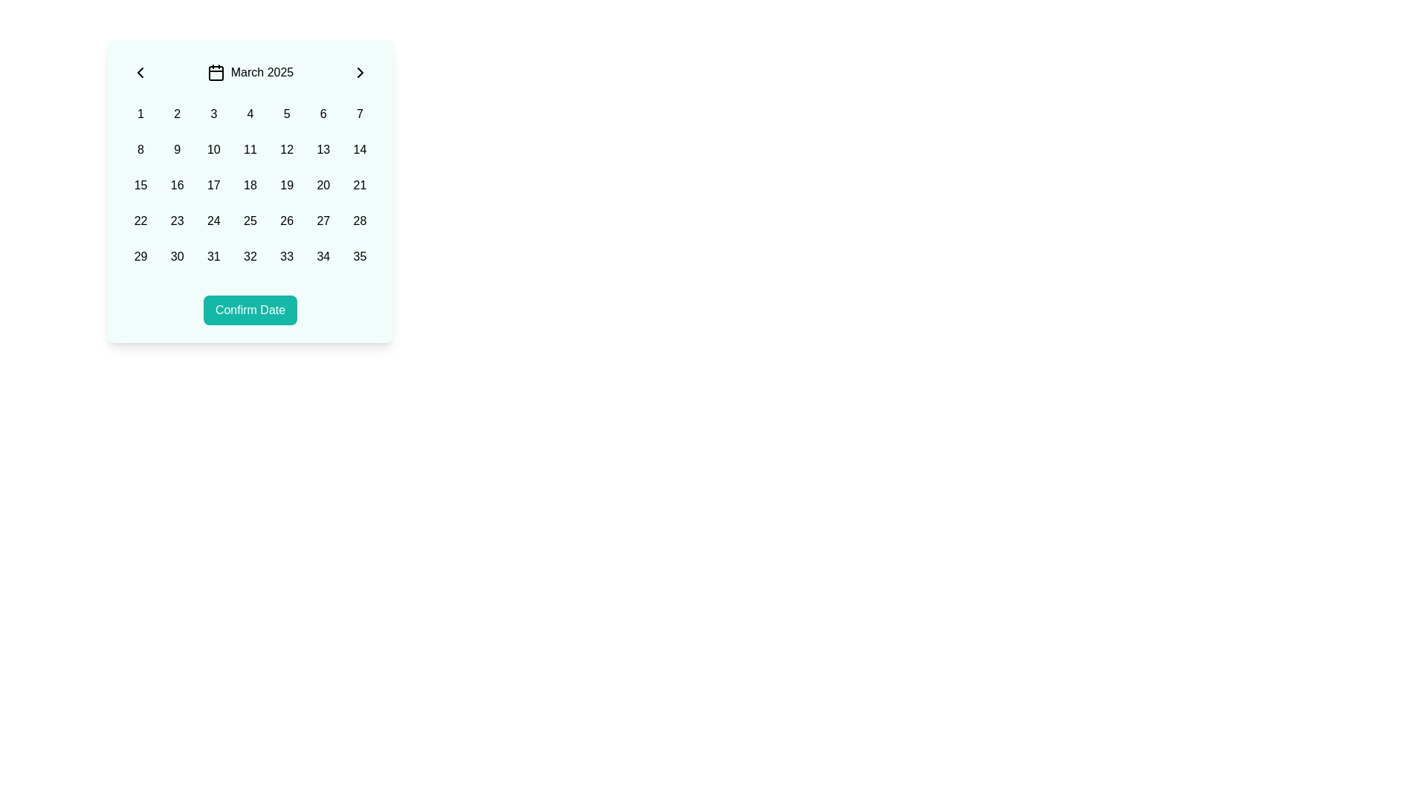  Describe the element at coordinates (177, 114) in the screenshot. I see `the second date button in the date picker interface` at that location.